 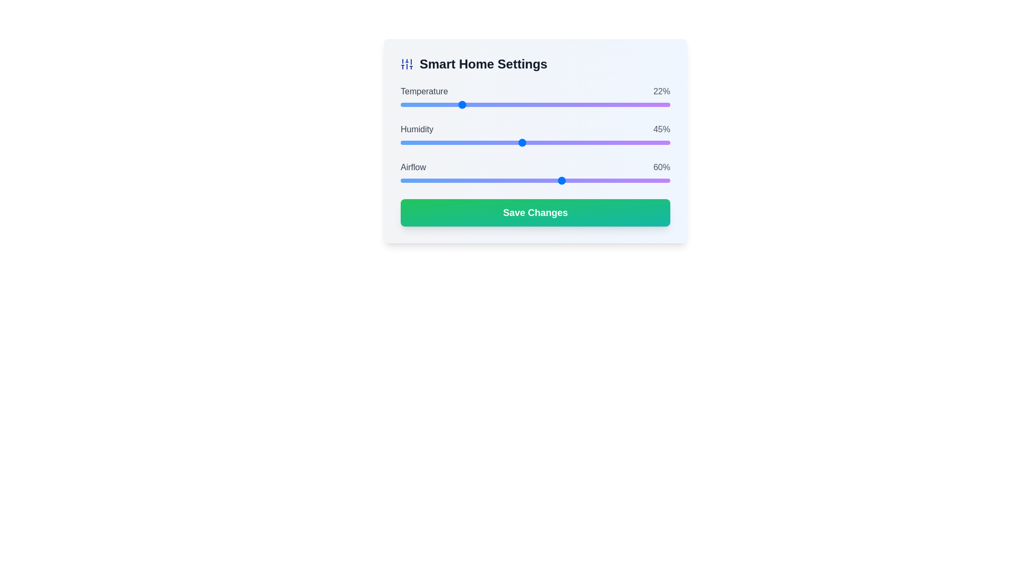 What do you see at coordinates (645, 140) in the screenshot?
I see `the humidity level` at bounding box center [645, 140].